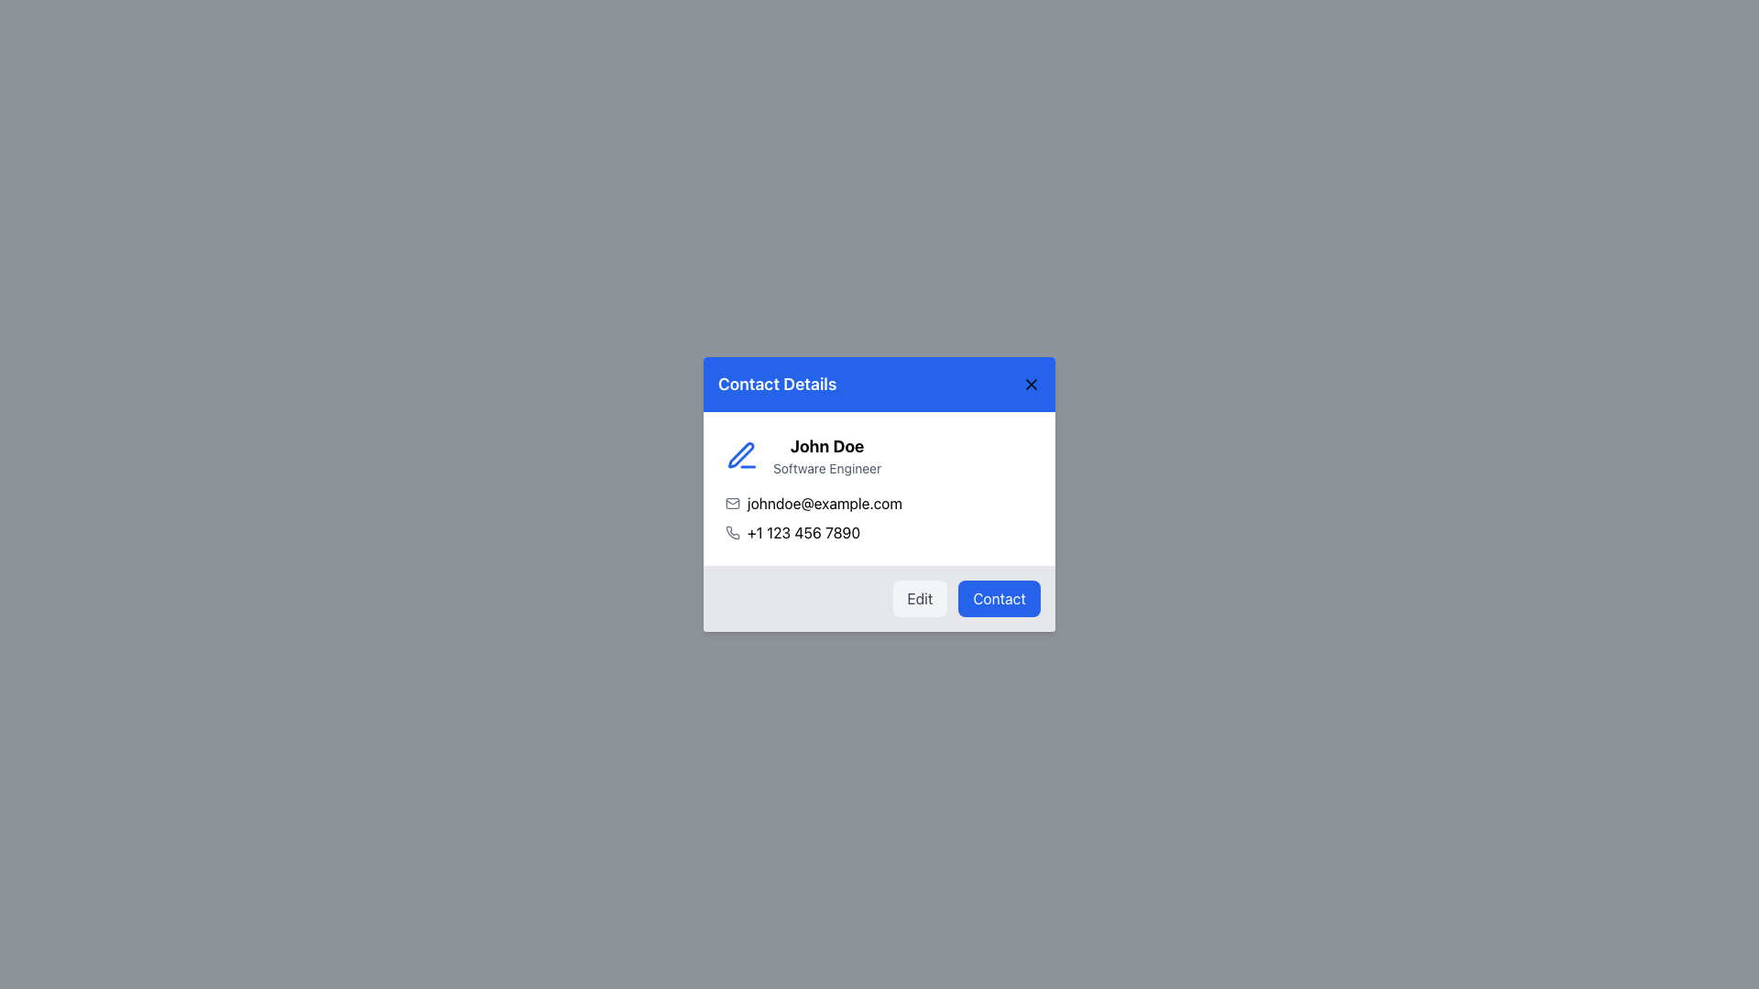 This screenshot has width=1759, height=989. Describe the element at coordinates (879, 599) in the screenshot. I see `the 'Edit' button located in the lower right corner of the modal dialog box's footer area to initiate an edit action` at that location.